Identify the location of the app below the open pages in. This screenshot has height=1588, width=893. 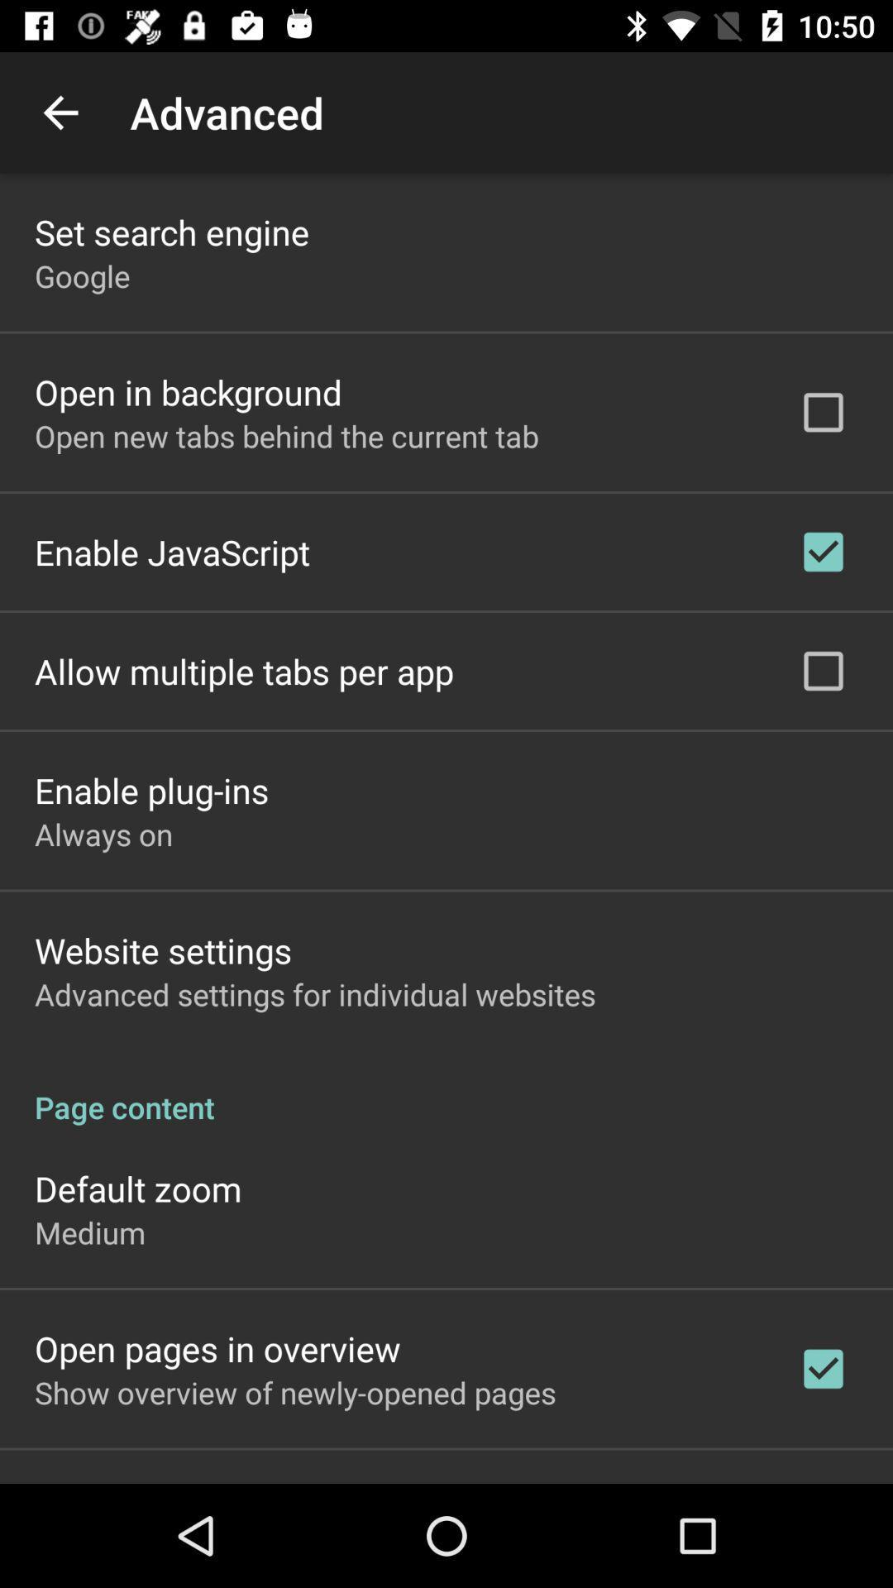
(294, 1391).